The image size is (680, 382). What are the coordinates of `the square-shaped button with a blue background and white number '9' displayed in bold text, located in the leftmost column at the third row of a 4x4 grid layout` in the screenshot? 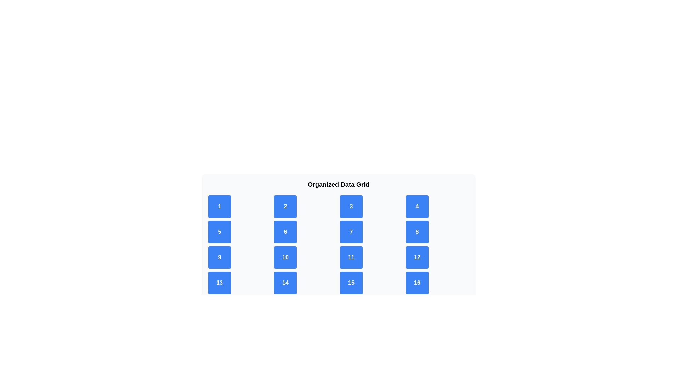 It's located at (219, 257).